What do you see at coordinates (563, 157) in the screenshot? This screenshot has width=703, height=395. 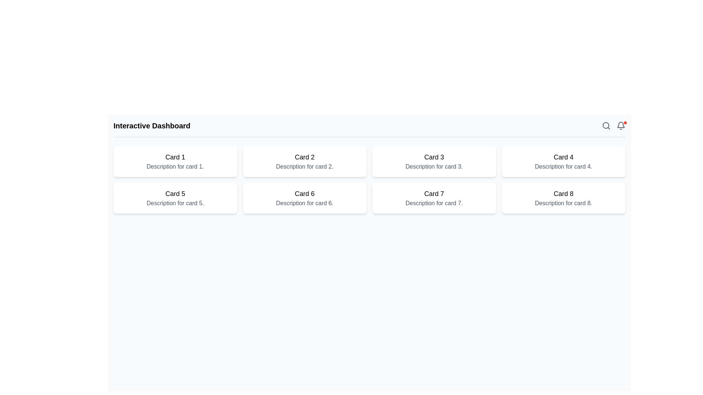 I see `the text label displaying 'Card 4', which is styled in bold and located in the top-central region of the fourth card in a grid layout` at bounding box center [563, 157].